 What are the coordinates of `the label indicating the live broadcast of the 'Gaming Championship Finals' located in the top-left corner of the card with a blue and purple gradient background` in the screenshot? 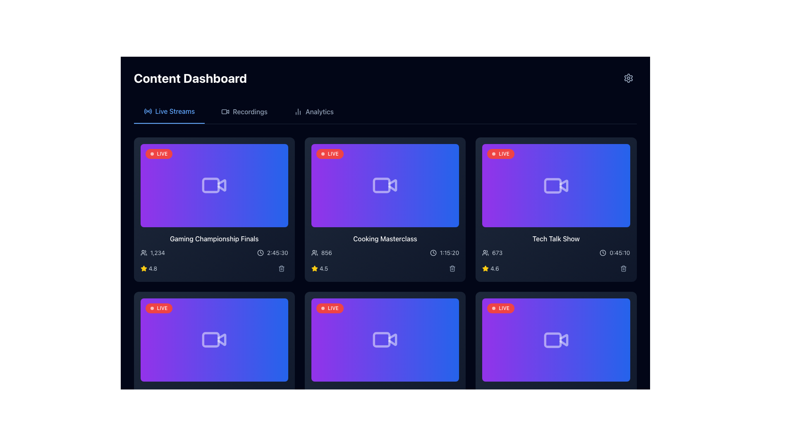 It's located at (159, 308).